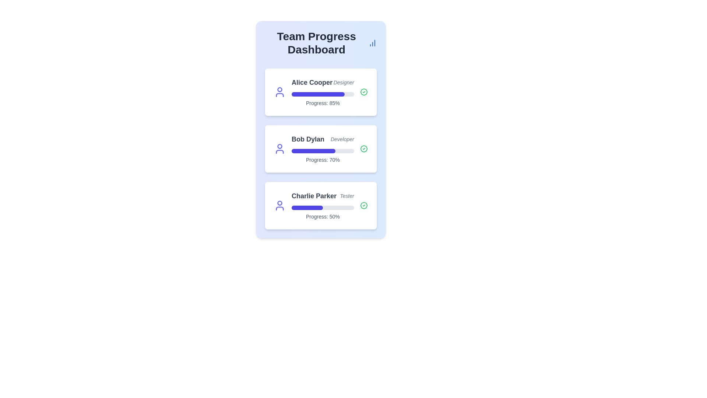 This screenshot has height=398, width=707. I want to click on the text label displaying the role or designation of 'Charlie Parker', which is positioned to the right of the name within the list, so click(347, 196).